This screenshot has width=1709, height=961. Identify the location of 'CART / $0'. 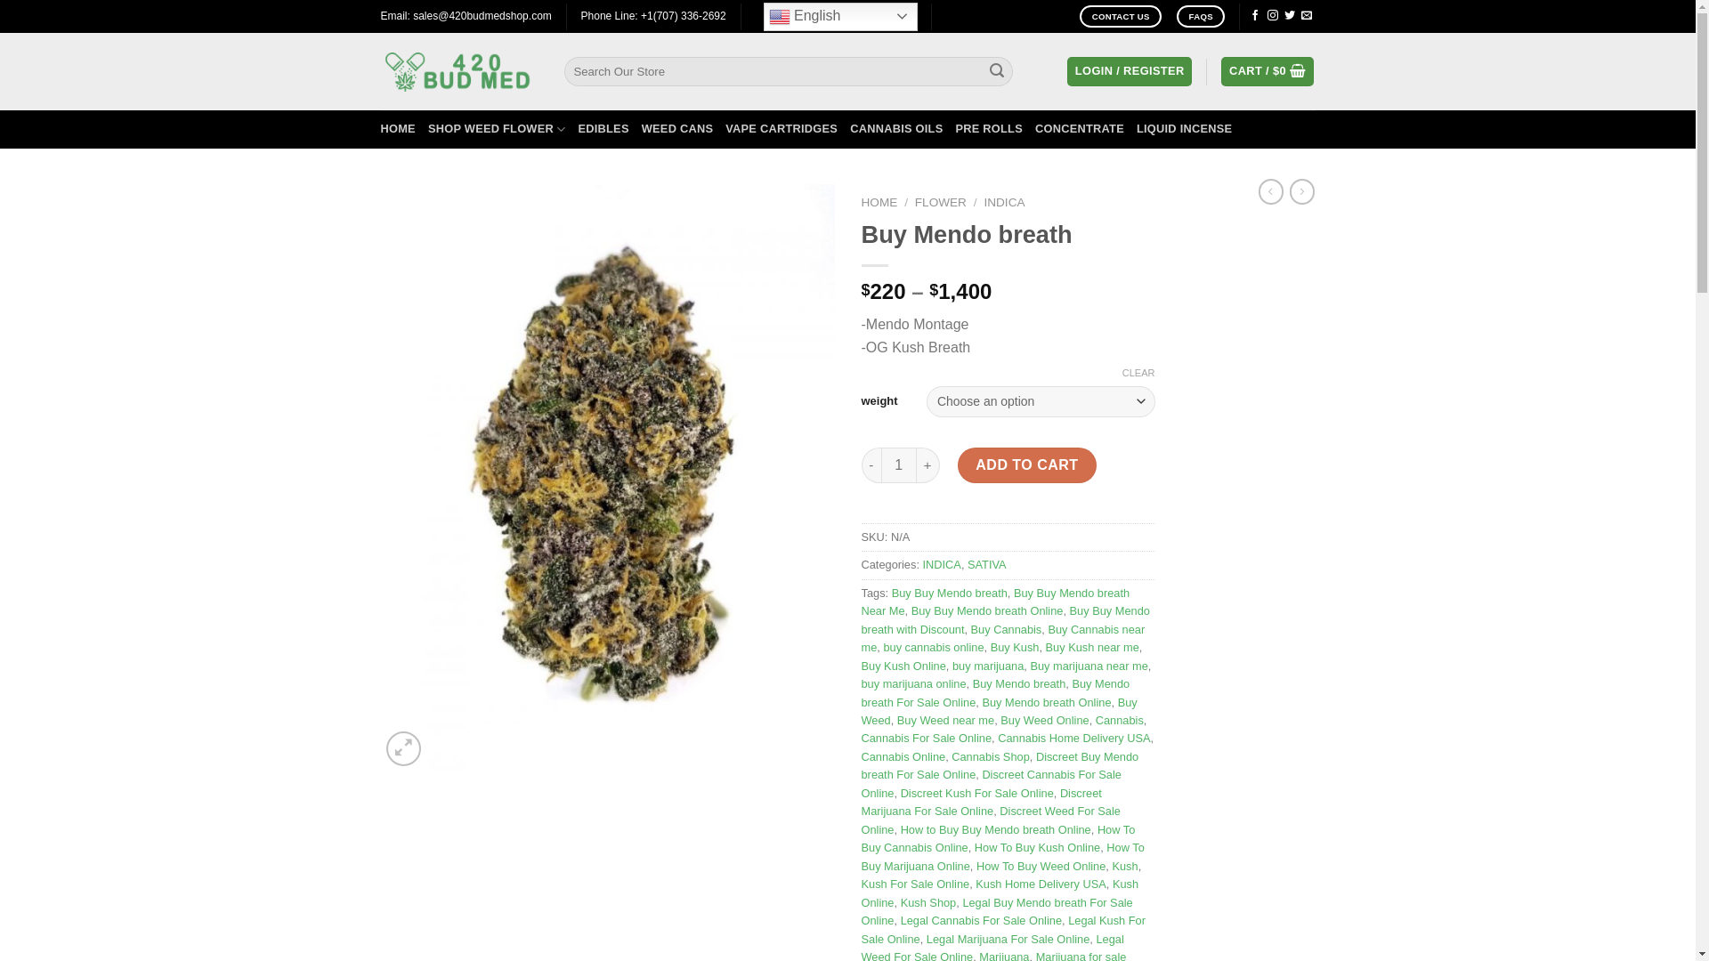
(1267, 70).